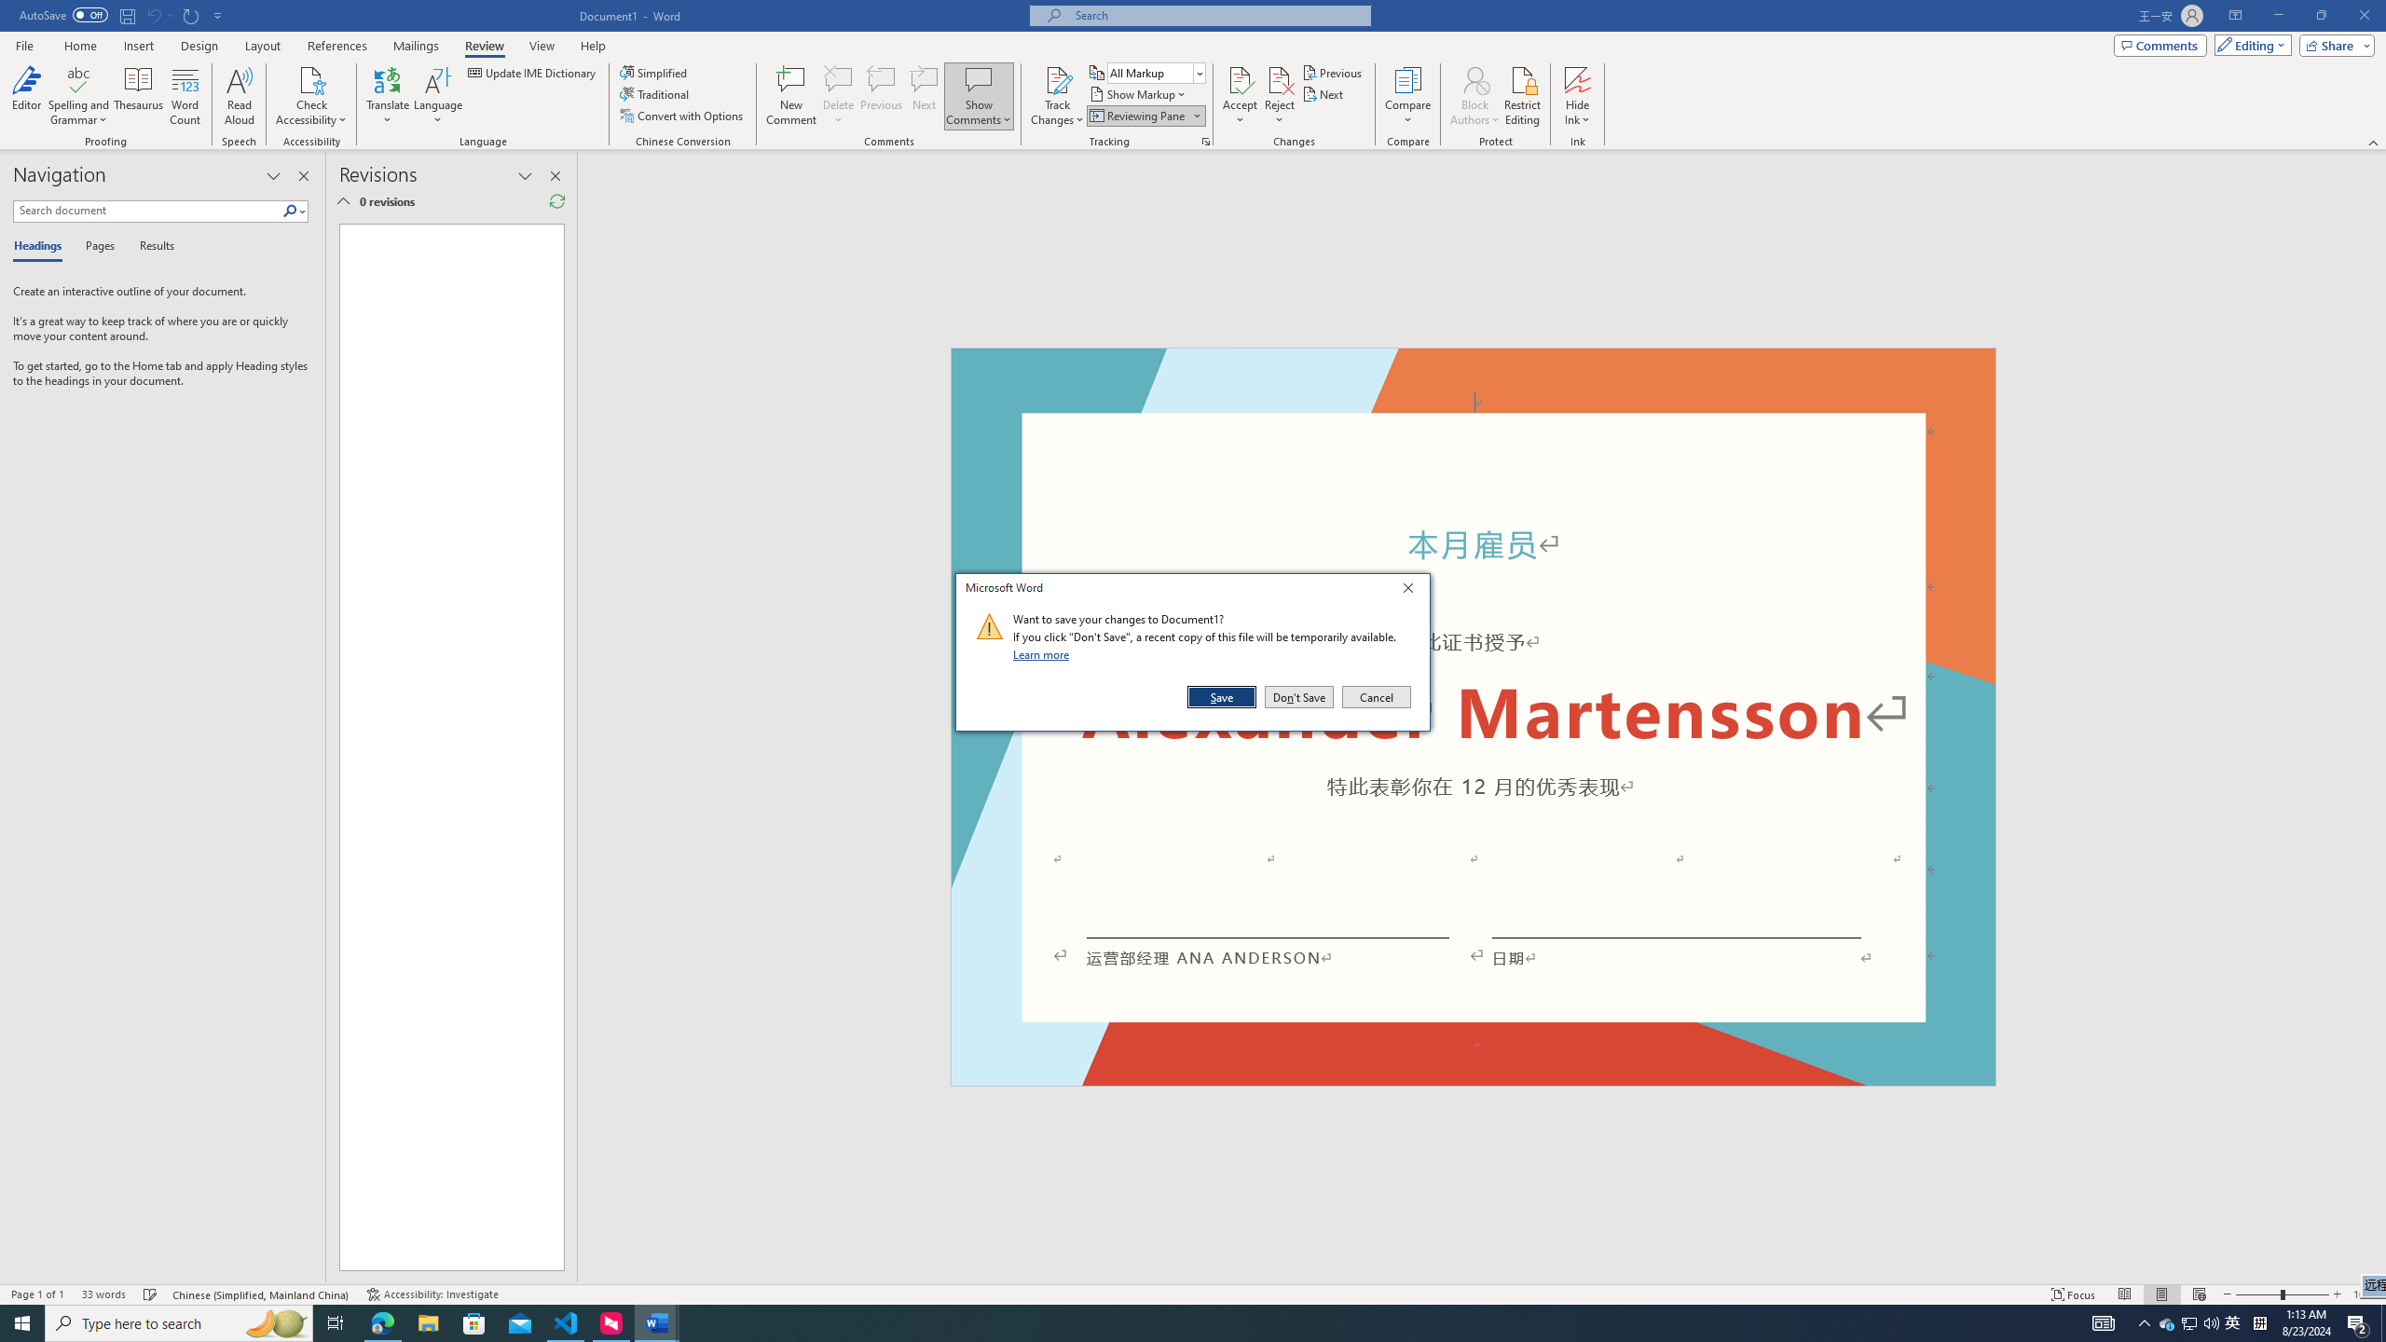 This screenshot has height=1342, width=2386. I want to click on 'Can', so click(152, 14).